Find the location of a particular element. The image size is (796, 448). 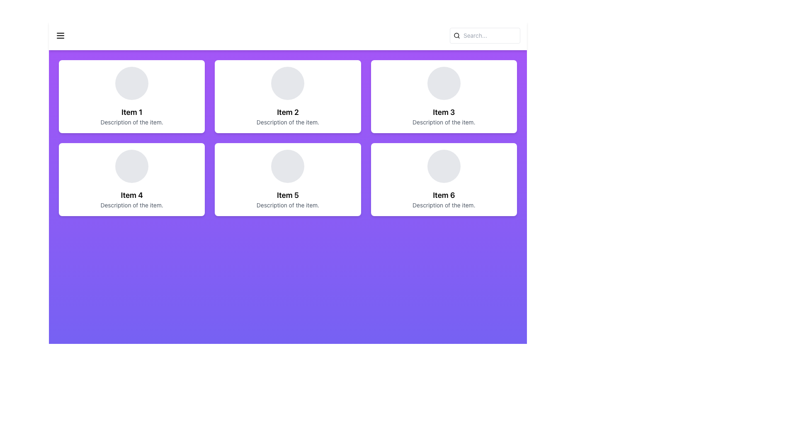

the Card element representing 'Item 3', located in the top row, third column of the grid layout is located at coordinates (443, 96).